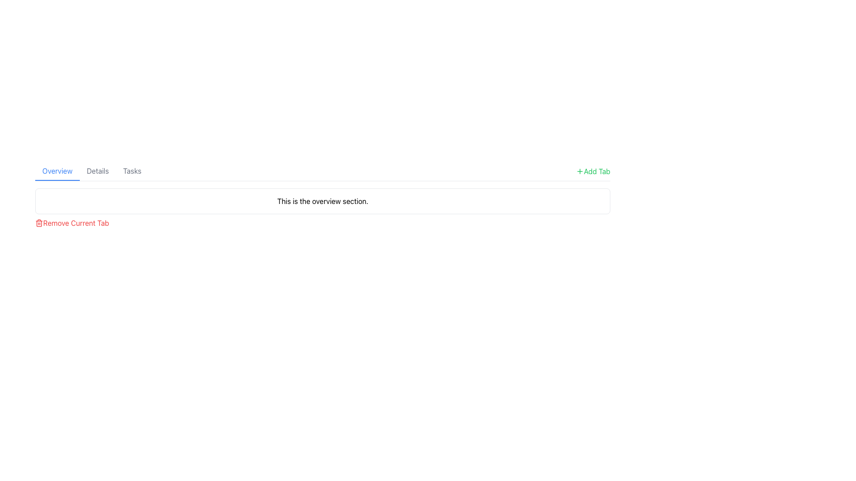 The width and height of the screenshot is (856, 481). Describe the element at coordinates (98, 171) in the screenshot. I see `the second navigation tab` at that location.